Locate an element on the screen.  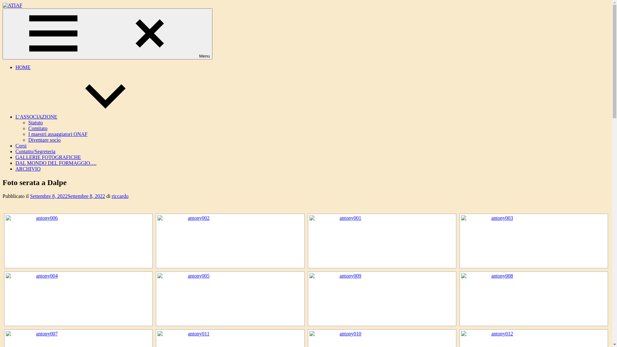
'antony005' is located at coordinates (195, 298).